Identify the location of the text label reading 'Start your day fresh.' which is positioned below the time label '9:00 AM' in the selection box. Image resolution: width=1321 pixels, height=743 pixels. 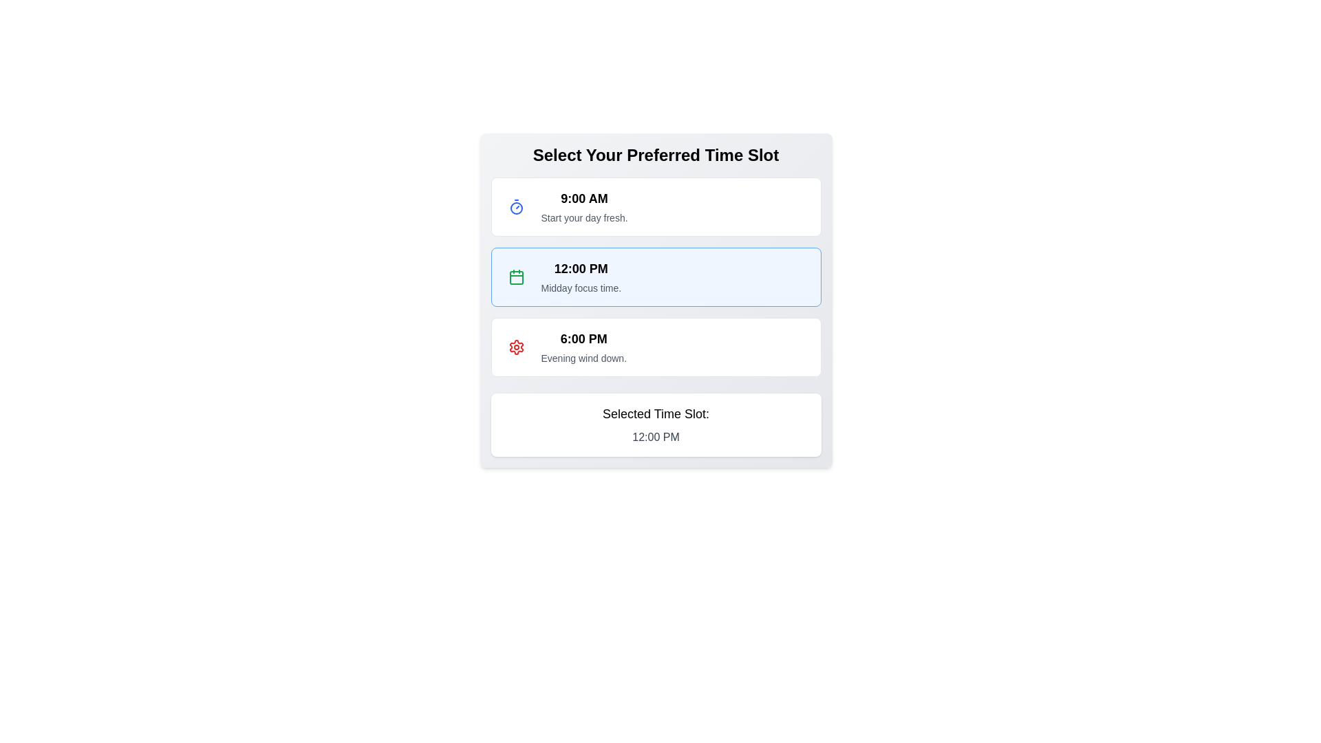
(584, 217).